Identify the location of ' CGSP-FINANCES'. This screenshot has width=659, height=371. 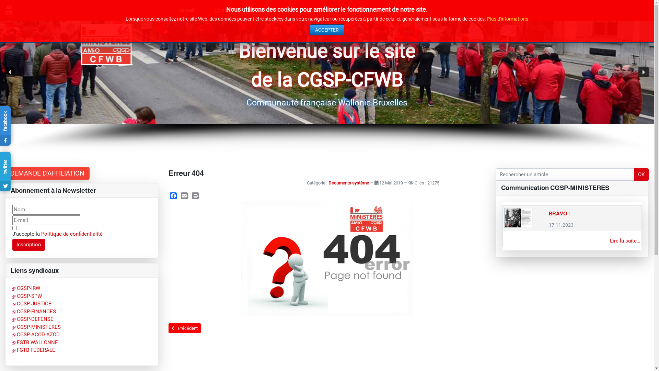
(34, 311).